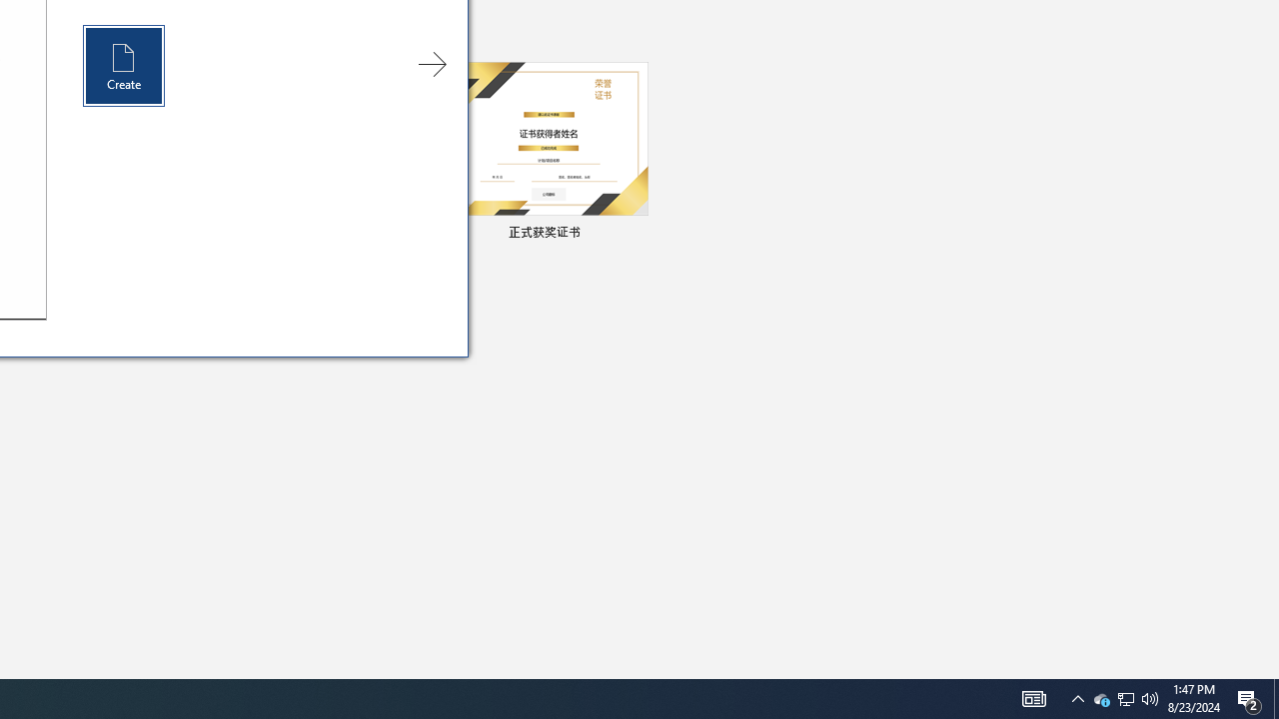 The width and height of the screenshot is (1279, 719). I want to click on 'Next Template', so click(431, 63).